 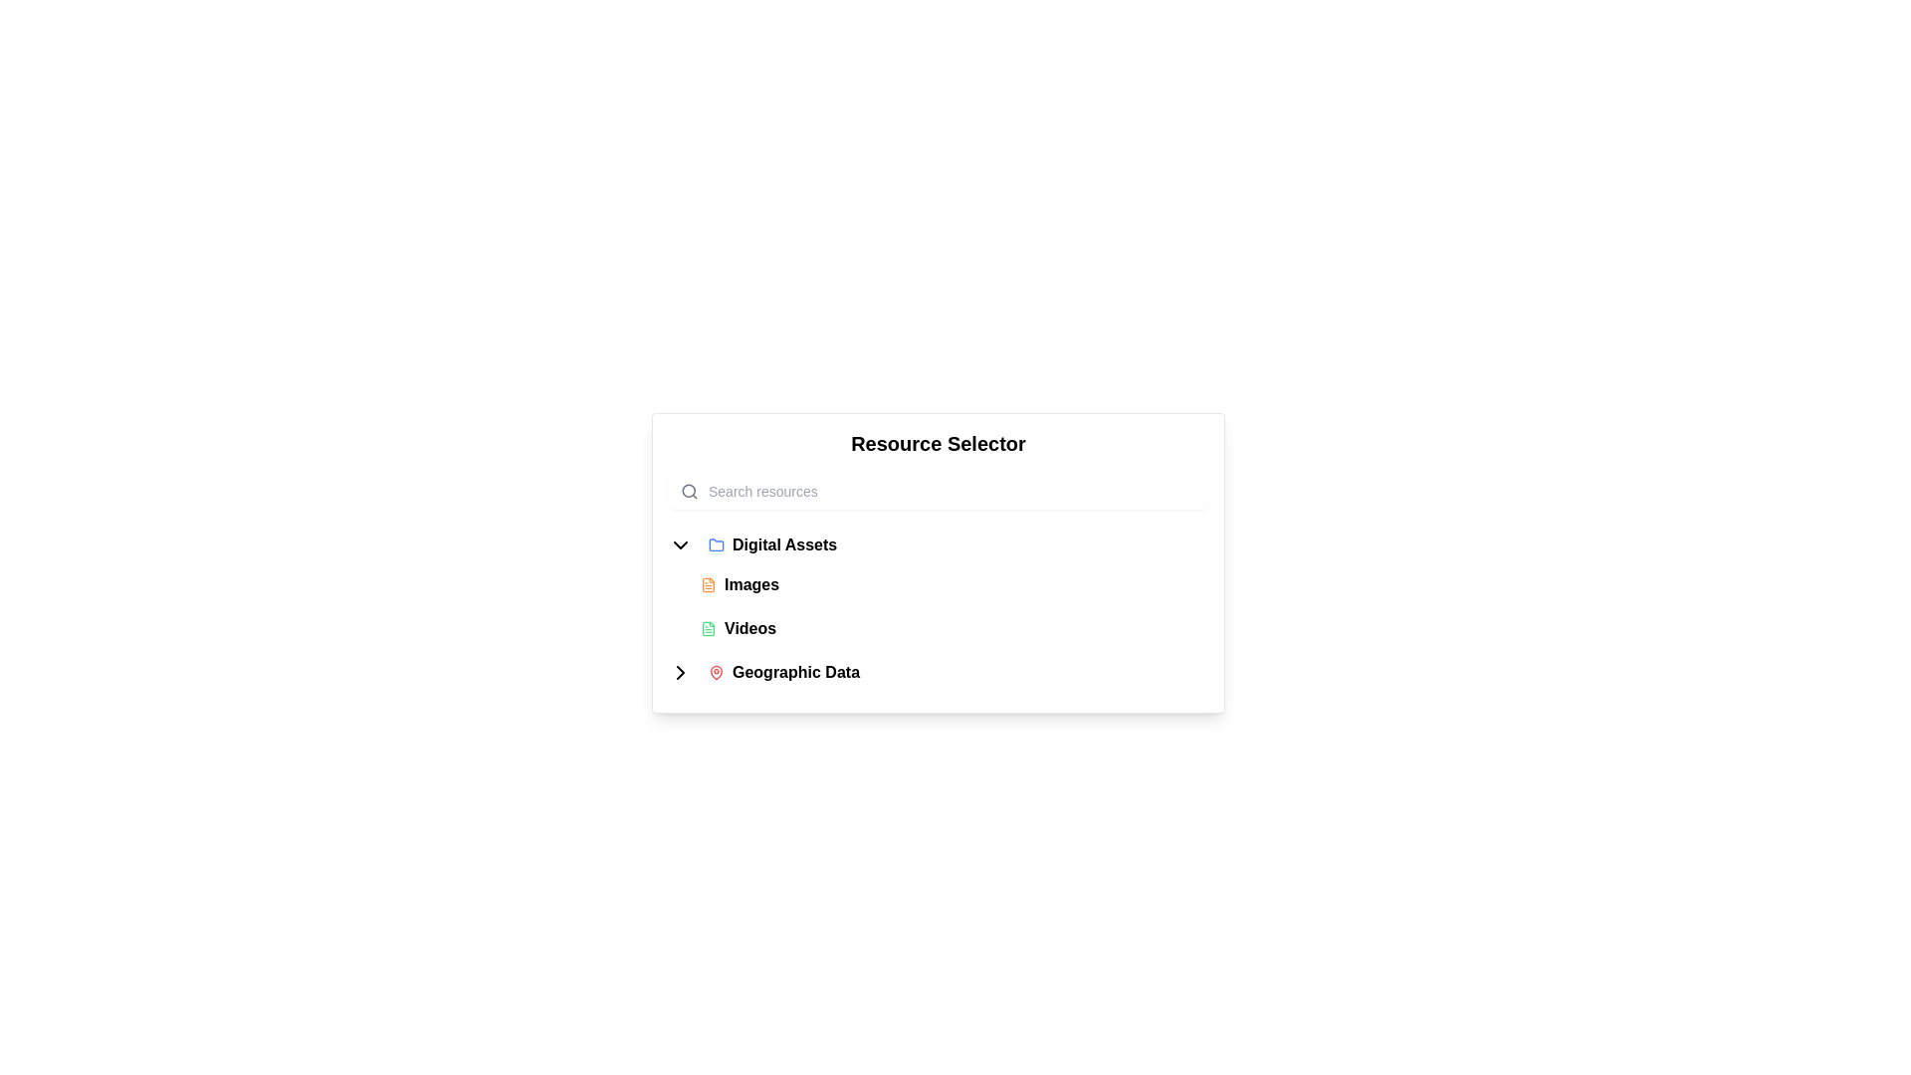 I want to click on the 'Videos' button located in the 'Resource Selector' dropdown menu under the 'Digital Assets' section, so click(x=738, y=629).